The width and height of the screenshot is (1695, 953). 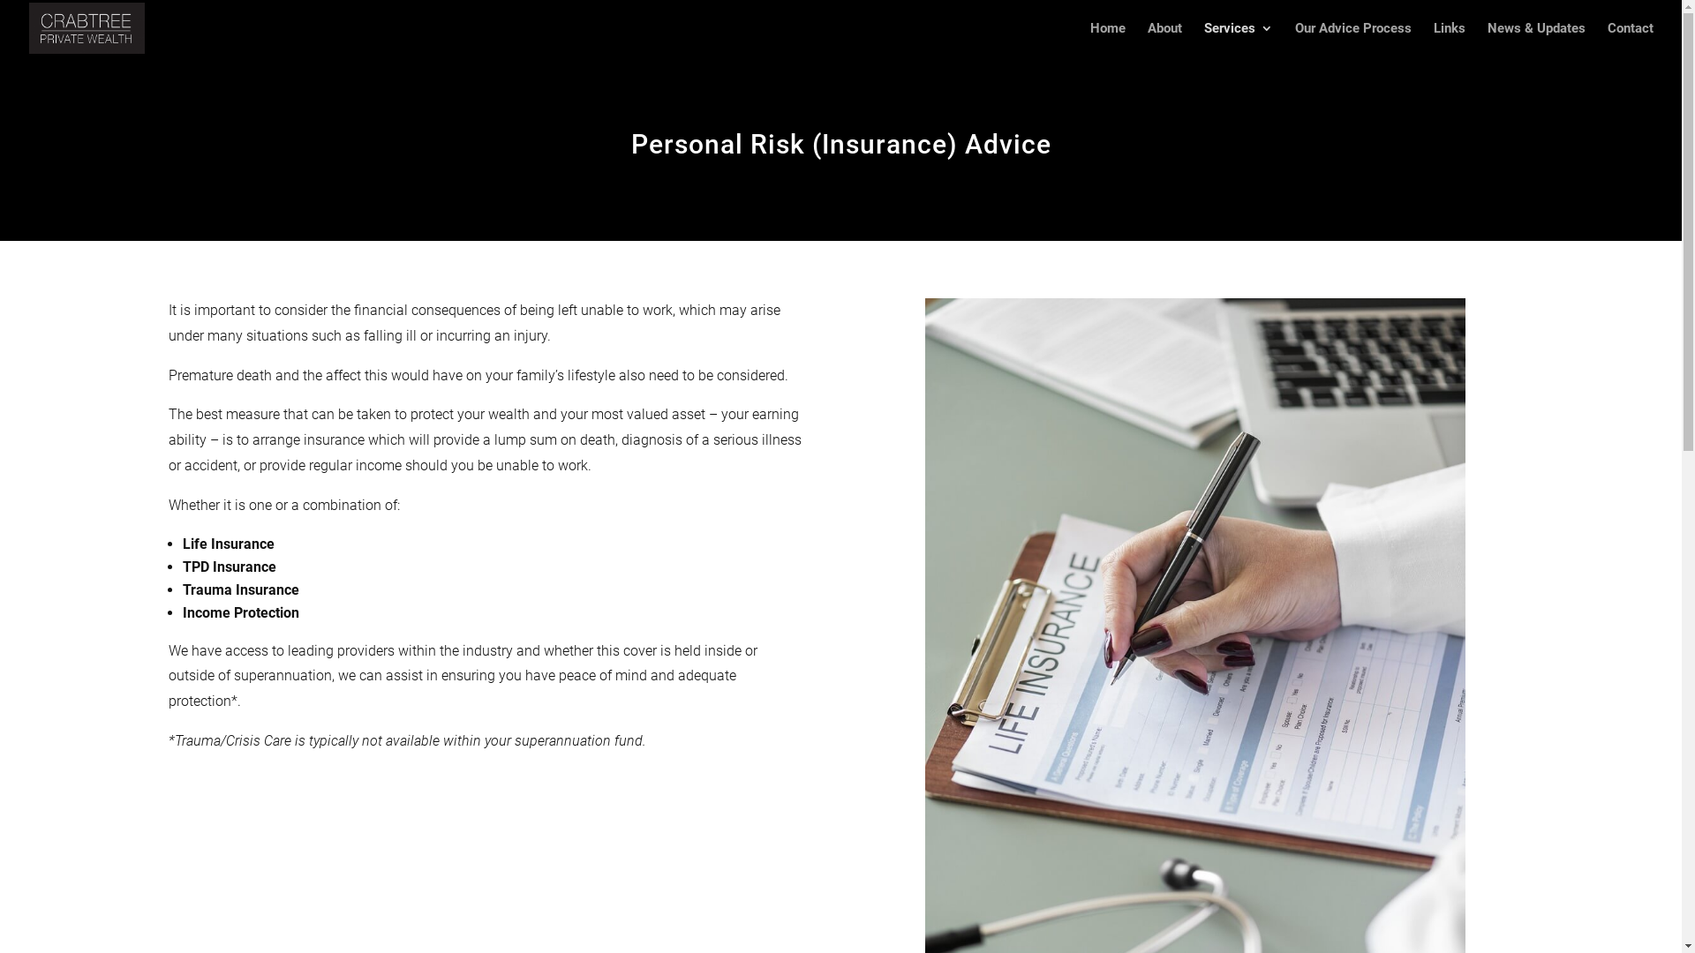 What do you see at coordinates (1352, 39) in the screenshot?
I see `'Our Advice Process'` at bounding box center [1352, 39].